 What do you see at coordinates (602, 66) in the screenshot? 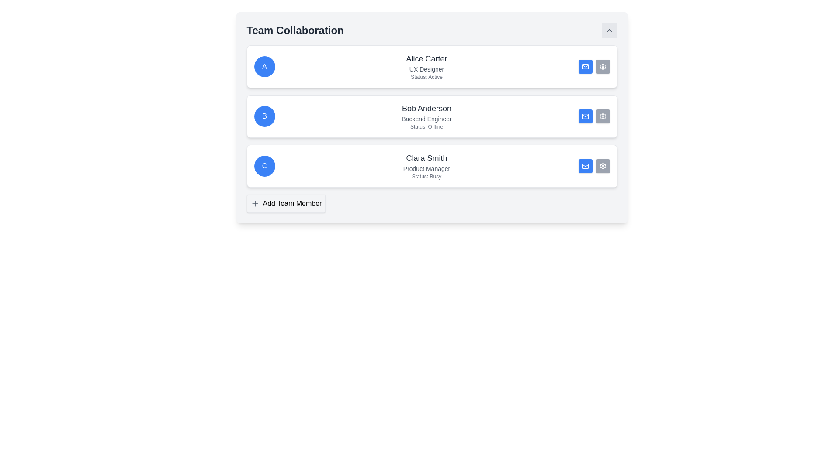
I see `the configuration settings icon located in the top-right corner of the first user panel` at bounding box center [602, 66].